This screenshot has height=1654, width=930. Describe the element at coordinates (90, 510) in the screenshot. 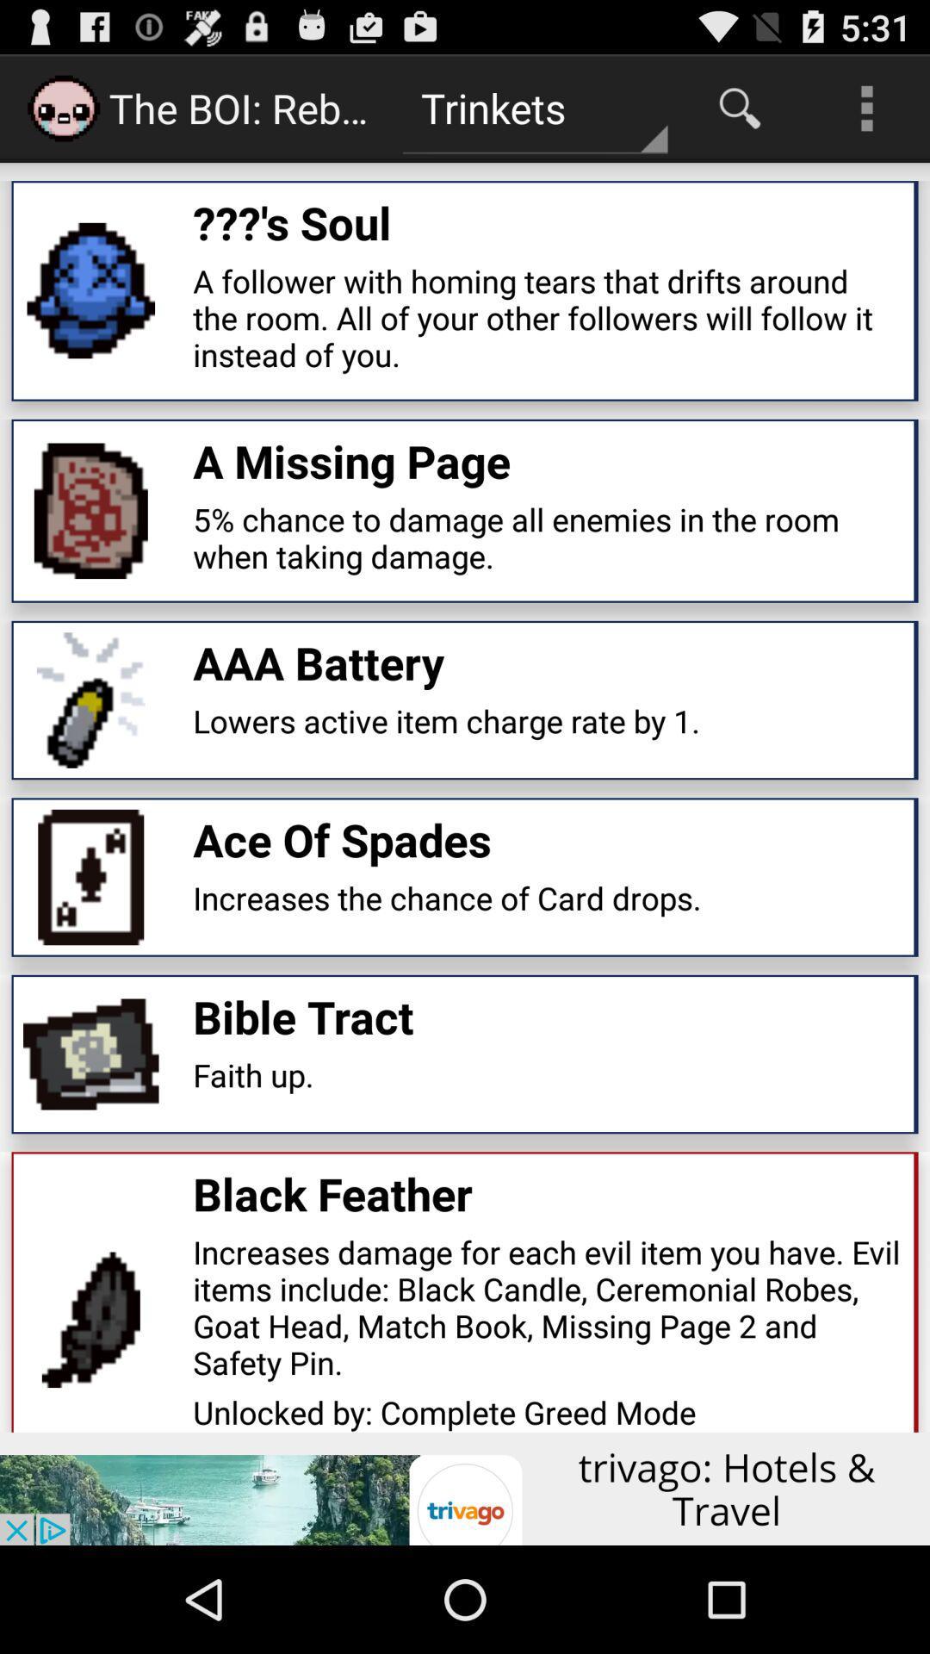

I see `the small image which is on the left side of a missing page` at that location.